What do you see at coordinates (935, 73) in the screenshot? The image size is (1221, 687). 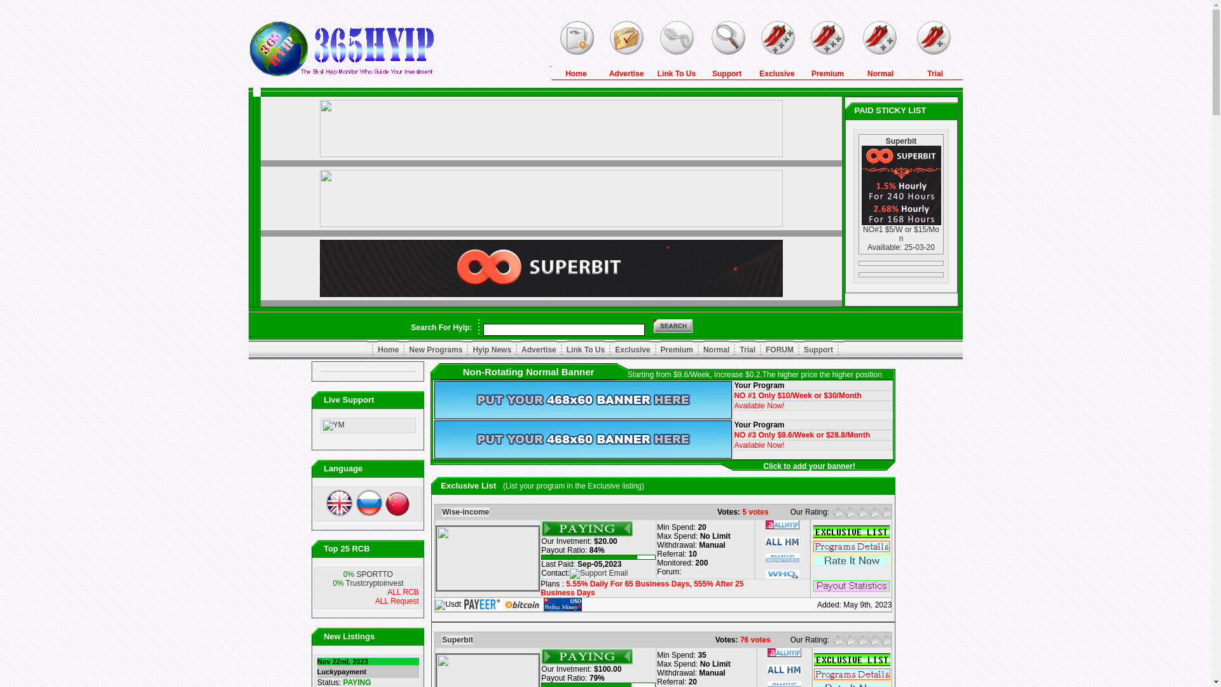 I see `'Trial'` at bounding box center [935, 73].